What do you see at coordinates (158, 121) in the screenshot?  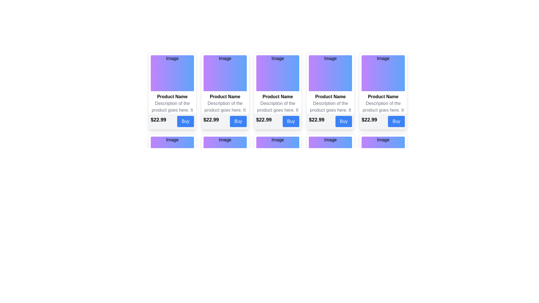 I see `the text label displaying the price '$22.99', which is styled in bold font and located at the bottom-left of the product card, above the 'Buy' button` at bounding box center [158, 121].